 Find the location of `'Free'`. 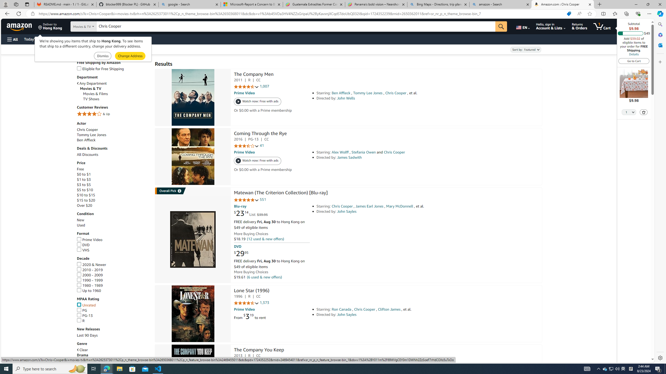

'Free' is located at coordinates (80, 169).